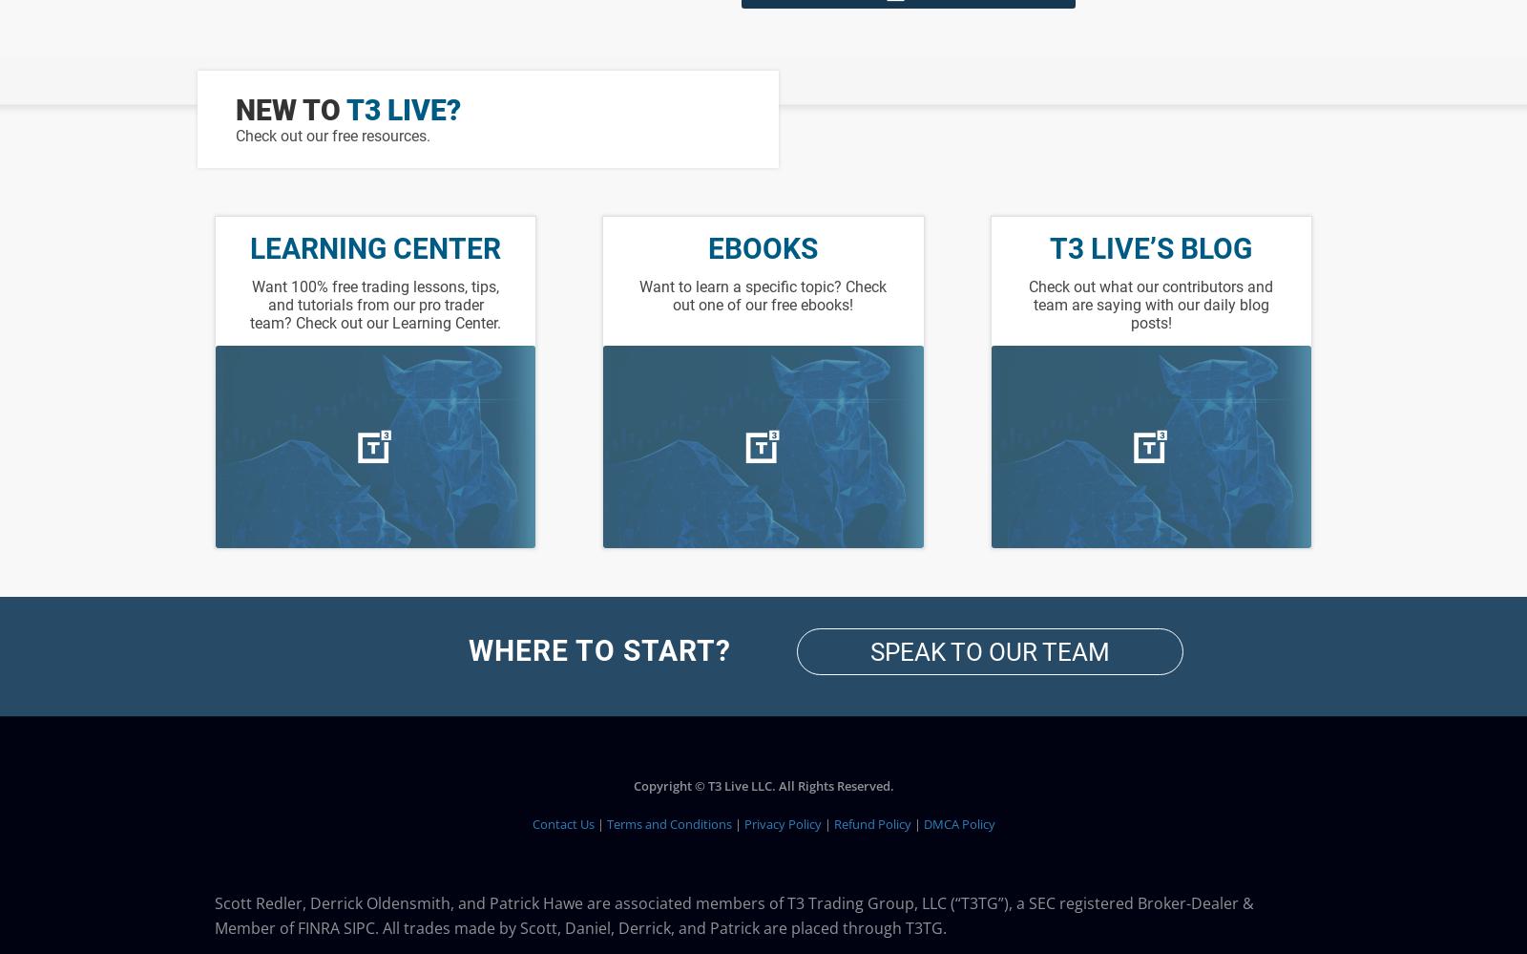 This screenshot has width=1527, height=954. I want to click on 'Terms and Conditions', so click(606, 823).